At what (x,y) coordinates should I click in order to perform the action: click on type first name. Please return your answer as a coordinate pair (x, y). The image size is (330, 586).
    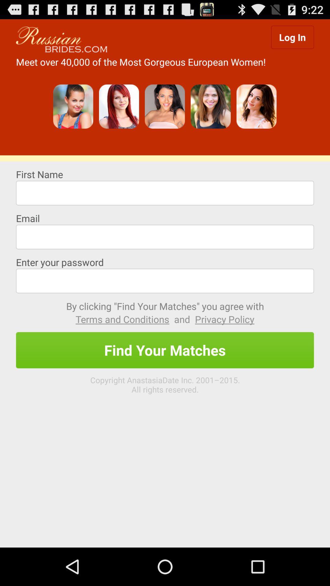
    Looking at the image, I should click on (165, 193).